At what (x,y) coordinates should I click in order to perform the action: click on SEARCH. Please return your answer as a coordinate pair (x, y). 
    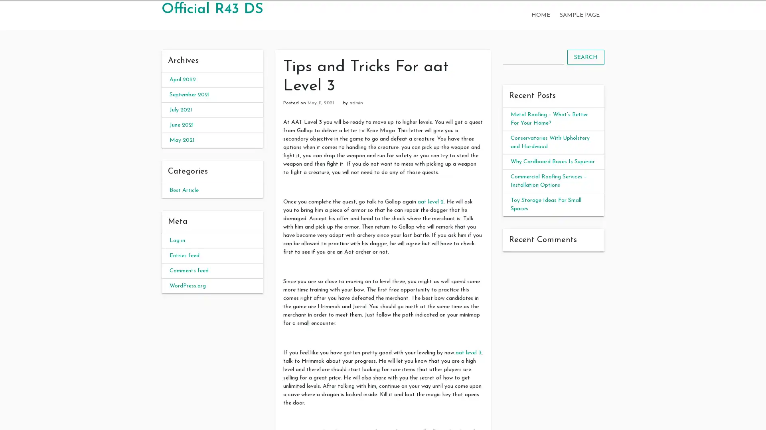
    Looking at the image, I should click on (586, 57).